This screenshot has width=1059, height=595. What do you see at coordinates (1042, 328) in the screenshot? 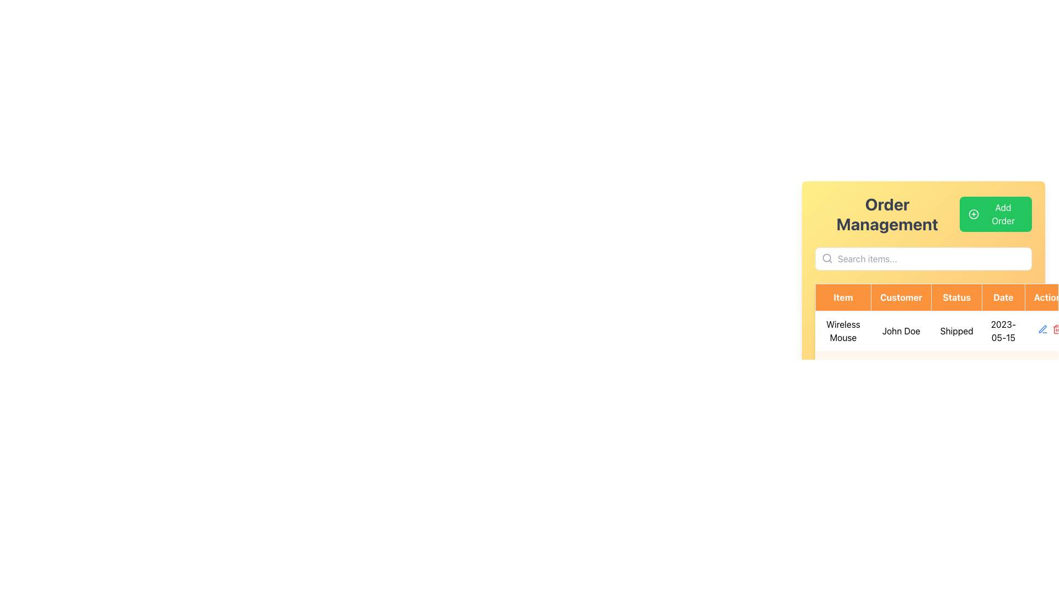
I see `the edit button in the 'Actions' column of the first row of the table` at bounding box center [1042, 328].